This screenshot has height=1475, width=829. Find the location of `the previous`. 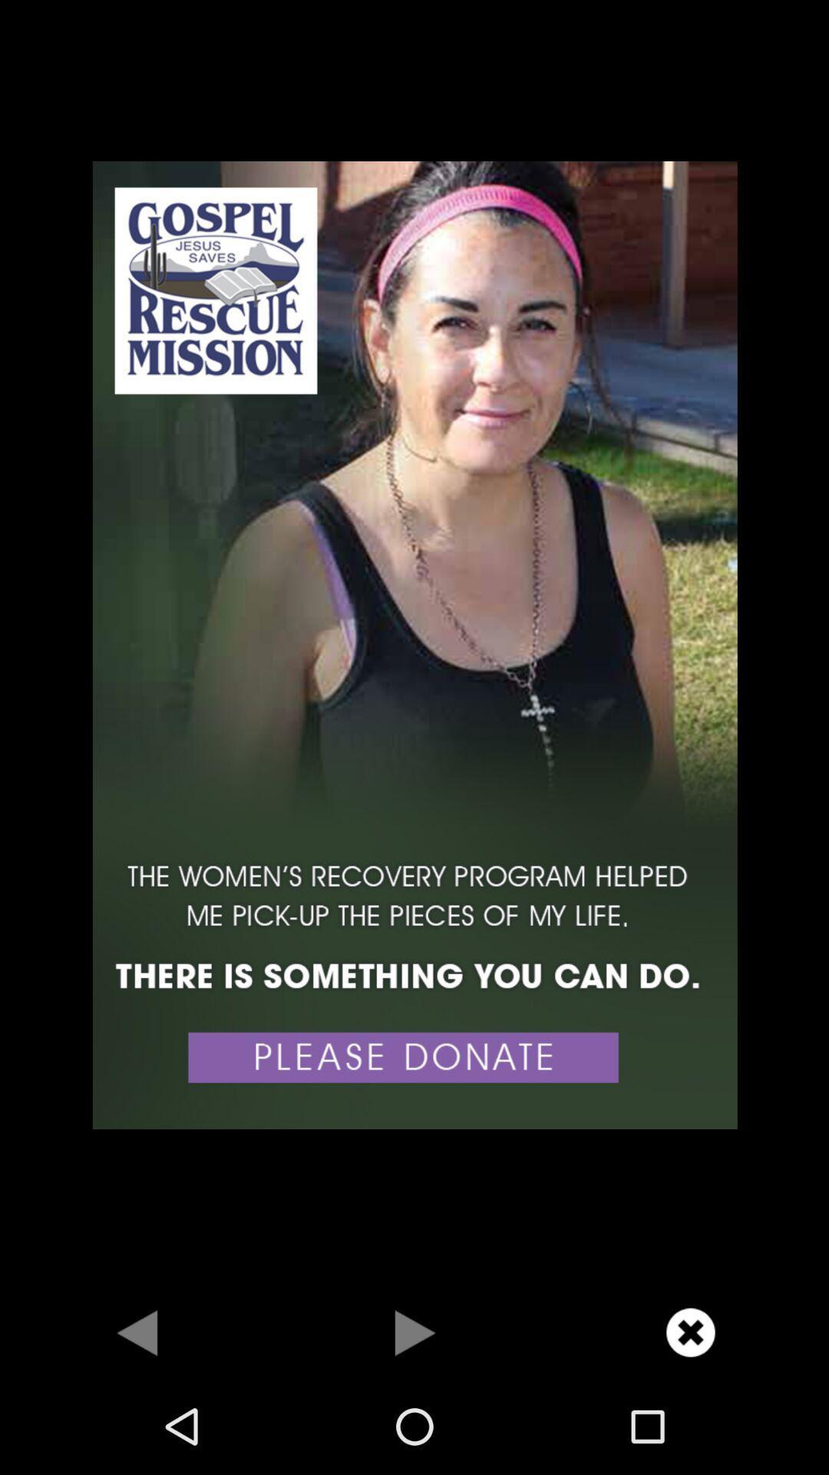

the previous is located at coordinates (138, 1331).